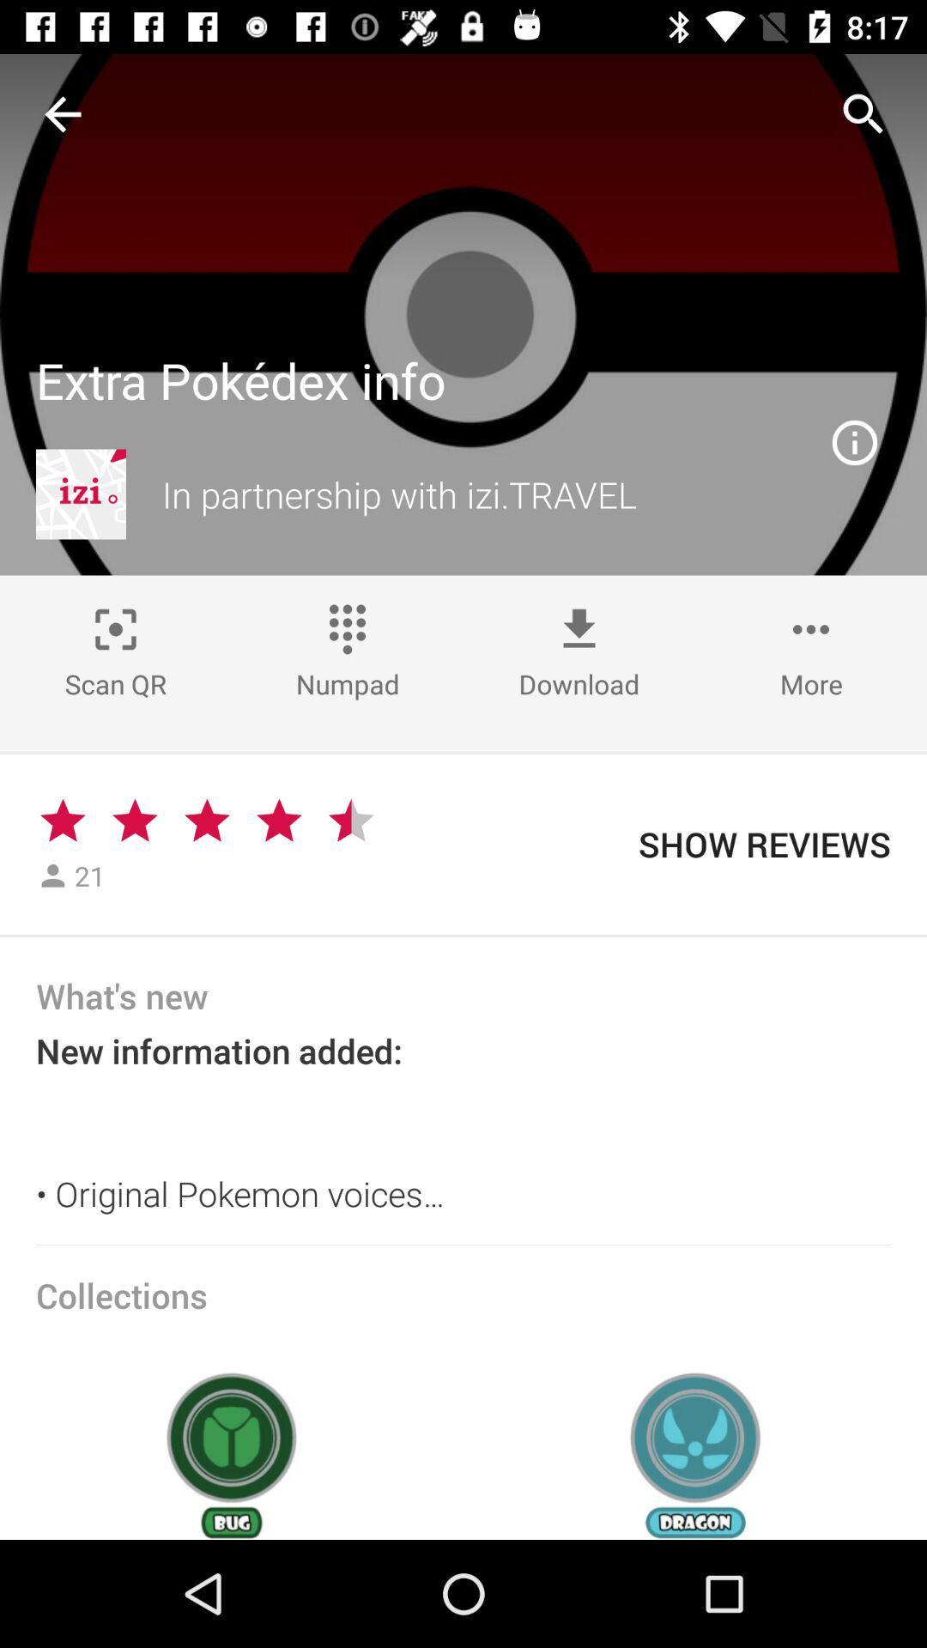  I want to click on the item above the collections icon, so click(463, 1245).